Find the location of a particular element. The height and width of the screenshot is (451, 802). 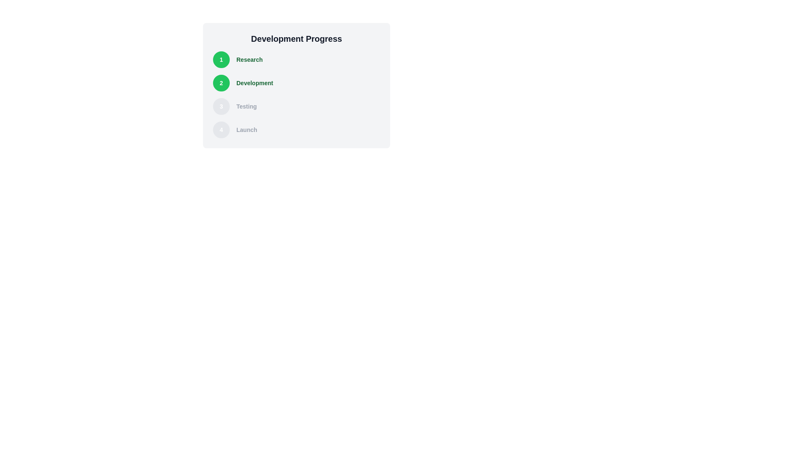

the circular green icon with a white border featuring the number '1', which indicates an active status and is located at the beginning of the progress indicator list, aligned below the heading 'Development Progress' is located at coordinates (221, 59).